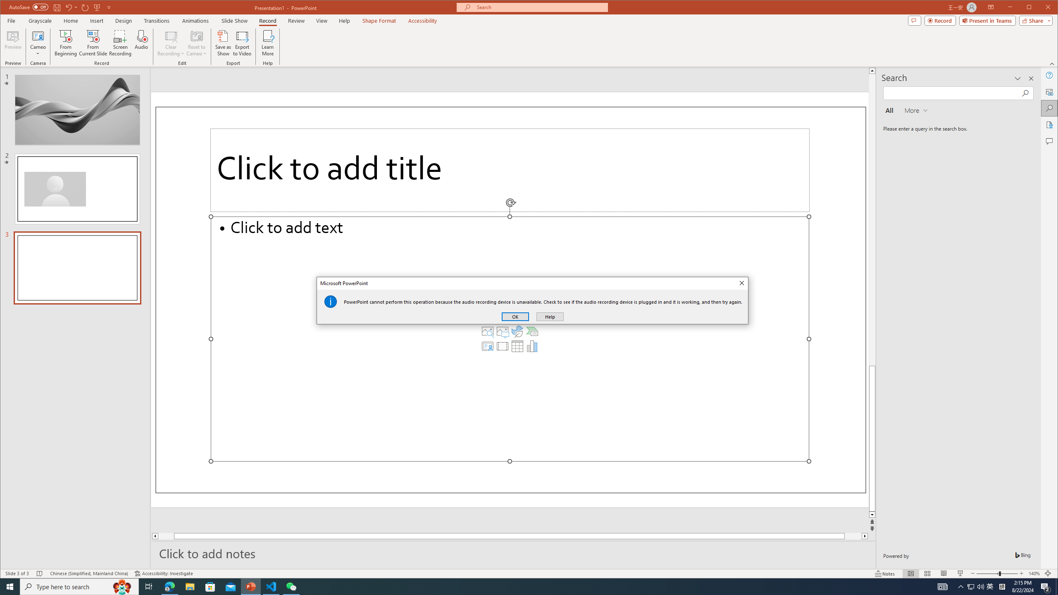 The height and width of the screenshot is (595, 1058). I want to click on 'Screen Recording', so click(119, 43).